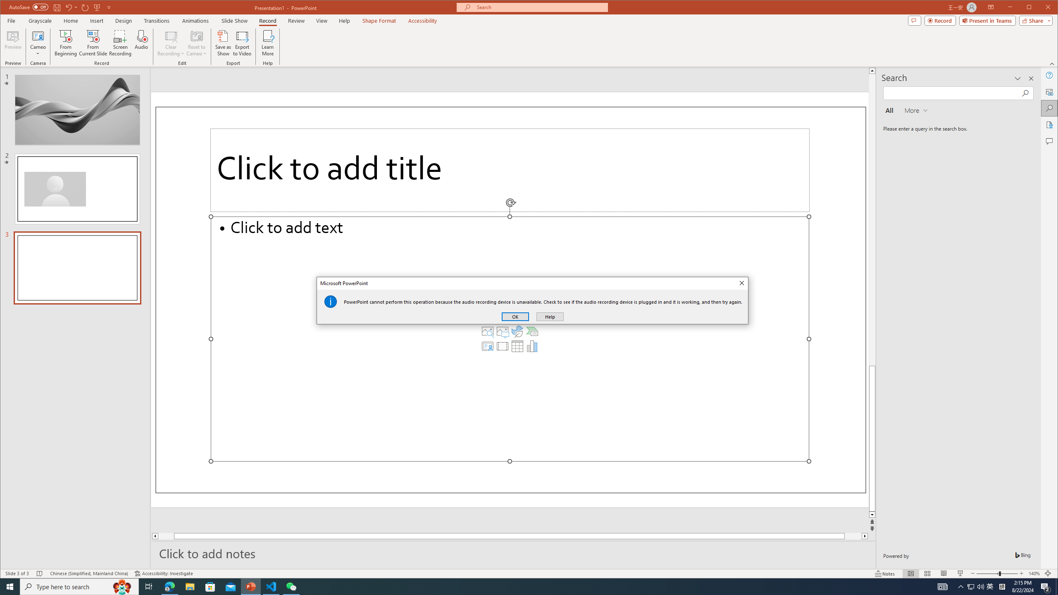 The height and width of the screenshot is (595, 1058). I want to click on 'Screen Recording', so click(119, 43).